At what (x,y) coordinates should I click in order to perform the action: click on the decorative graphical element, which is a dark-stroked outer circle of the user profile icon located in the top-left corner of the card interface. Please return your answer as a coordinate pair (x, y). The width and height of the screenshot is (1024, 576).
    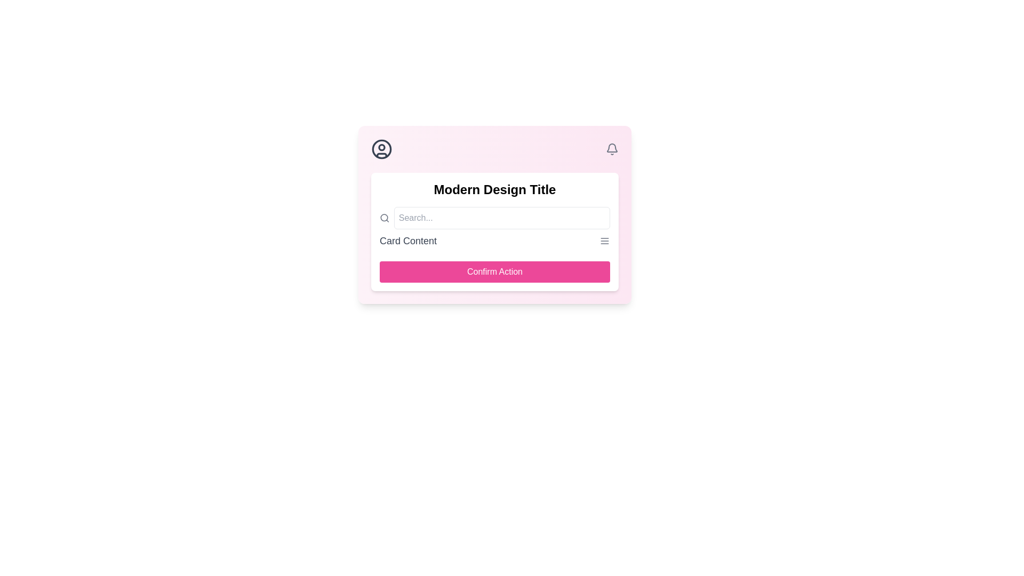
    Looking at the image, I should click on (381, 149).